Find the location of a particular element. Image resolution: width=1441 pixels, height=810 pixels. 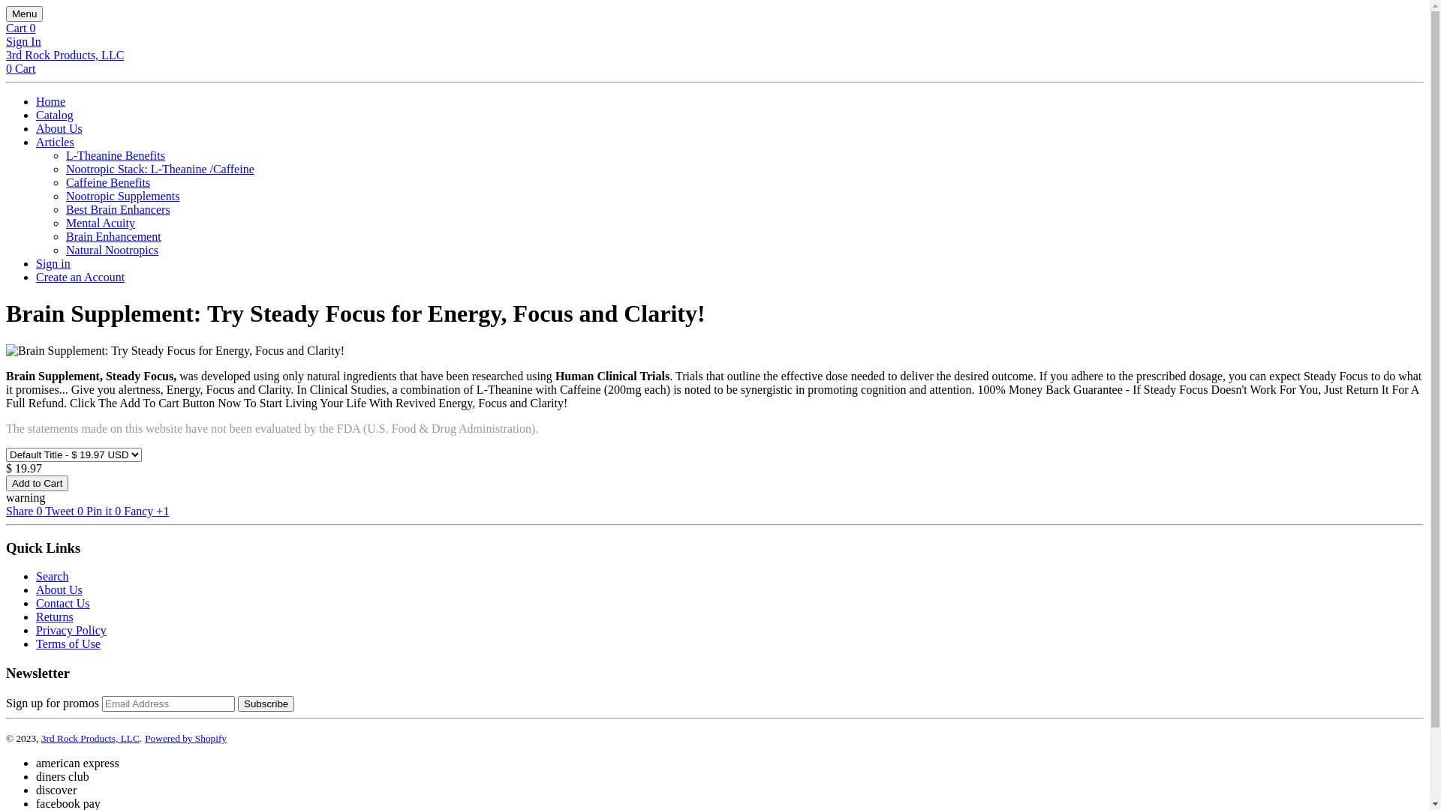

'Mental Acuity' is located at coordinates (65, 223).